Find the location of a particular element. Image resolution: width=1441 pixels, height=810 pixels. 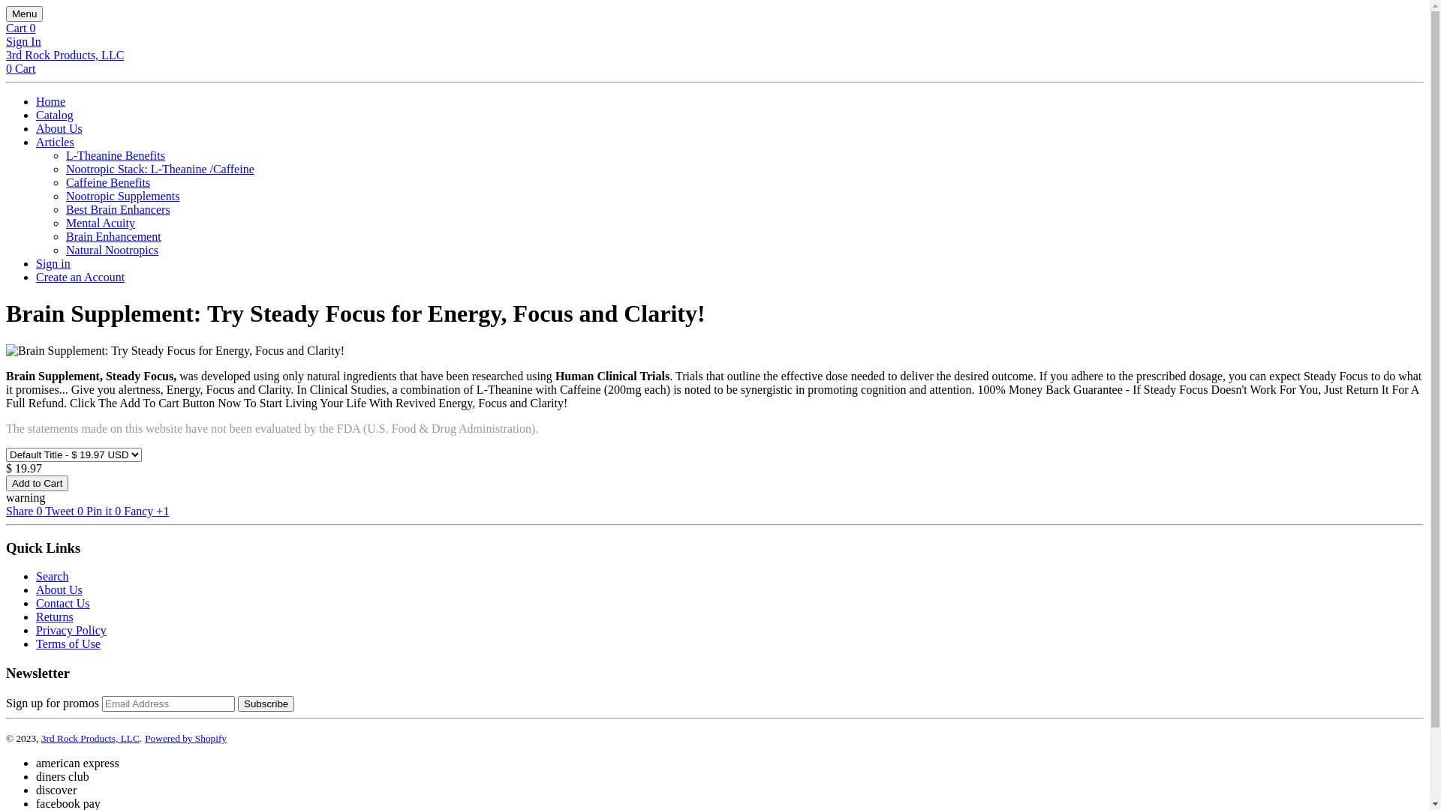

'Mental Acuity' is located at coordinates (65, 223).